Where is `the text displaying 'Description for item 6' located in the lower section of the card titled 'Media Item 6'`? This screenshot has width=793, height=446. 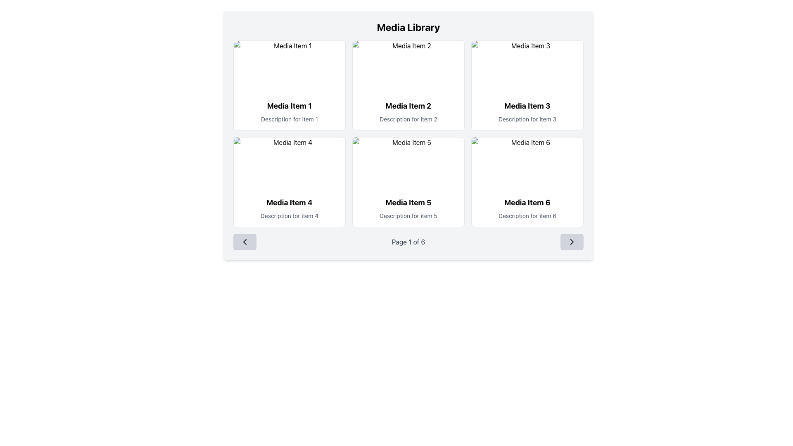 the text displaying 'Description for item 6' located in the lower section of the card titled 'Media Item 6' is located at coordinates (527, 216).